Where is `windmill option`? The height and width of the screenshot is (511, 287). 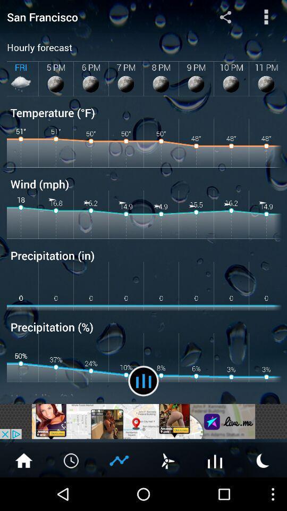
windmill option is located at coordinates (167, 459).